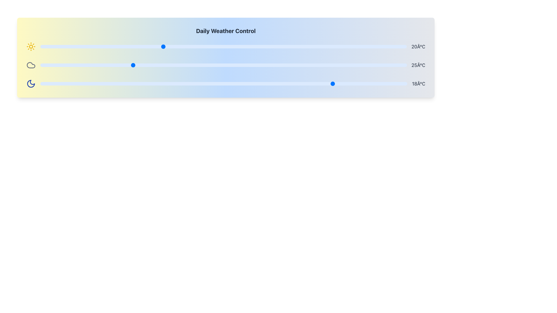  What do you see at coordinates (370, 65) in the screenshot?
I see `the slider value` at bounding box center [370, 65].